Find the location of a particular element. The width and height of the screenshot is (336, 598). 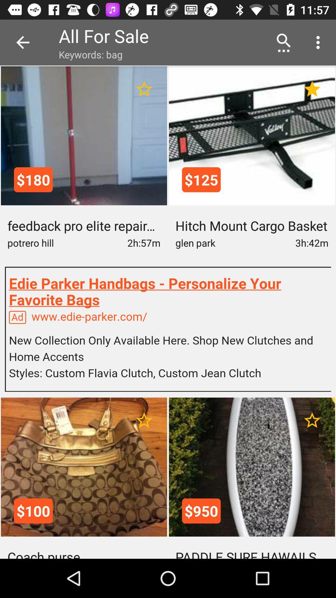

favorite is located at coordinates (312, 420).